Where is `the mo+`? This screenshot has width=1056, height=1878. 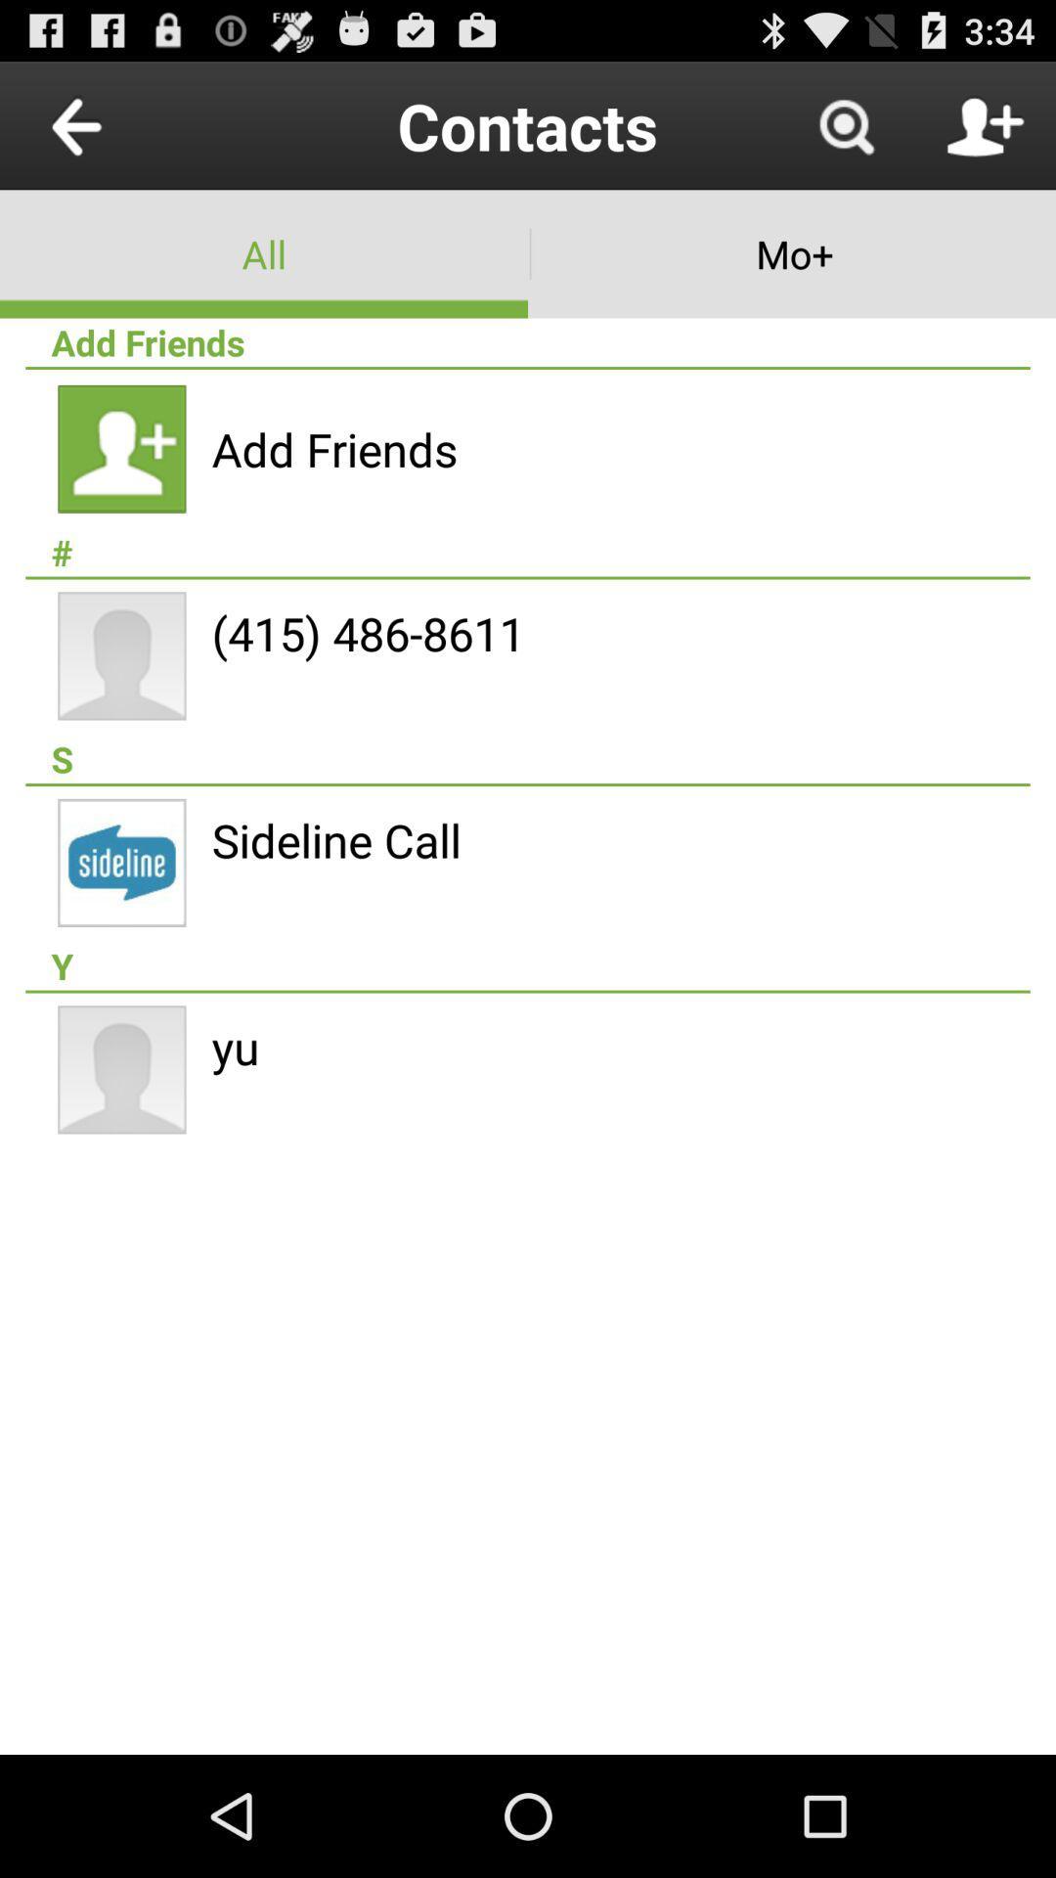 the mo+ is located at coordinates (792, 252).